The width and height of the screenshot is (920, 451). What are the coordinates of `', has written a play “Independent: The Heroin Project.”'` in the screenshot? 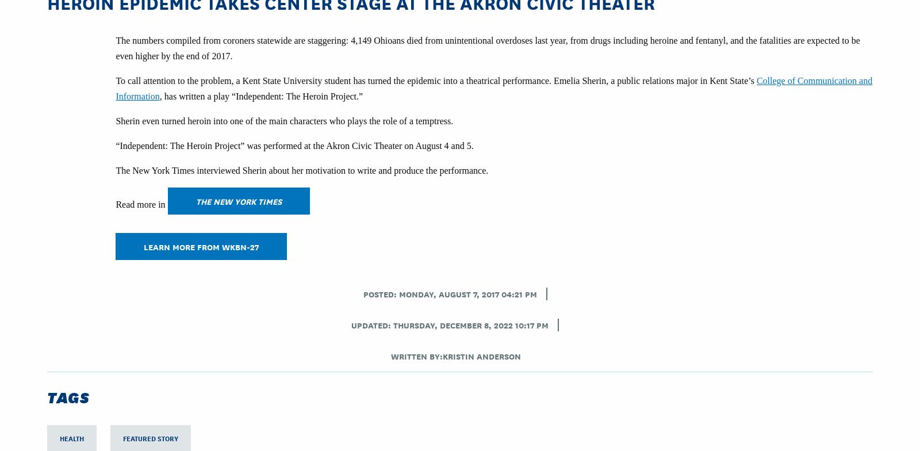 It's located at (159, 96).